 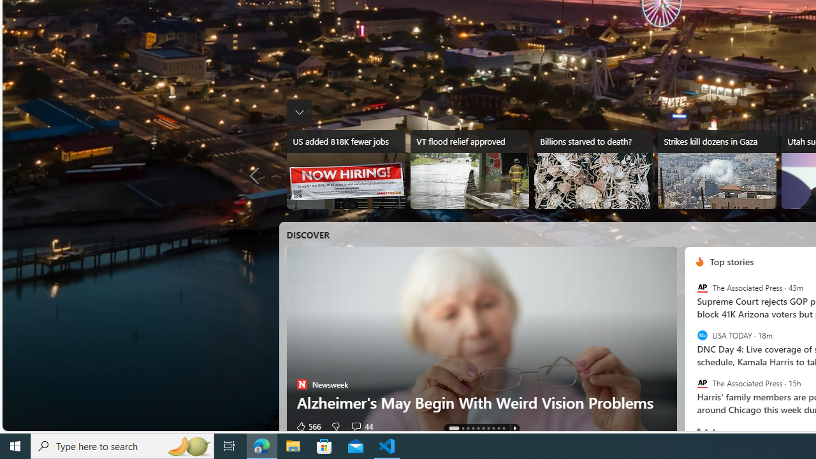 What do you see at coordinates (717, 169) in the screenshot?
I see `'Strikes kill dozens in Gaza'` at bounding box center [717, 169].